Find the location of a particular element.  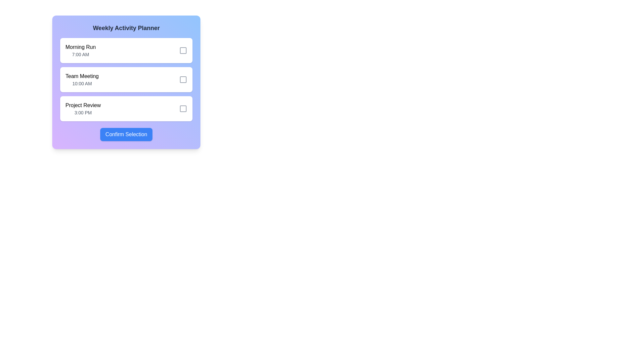

the checkbox is located at coordinates (183, 108).